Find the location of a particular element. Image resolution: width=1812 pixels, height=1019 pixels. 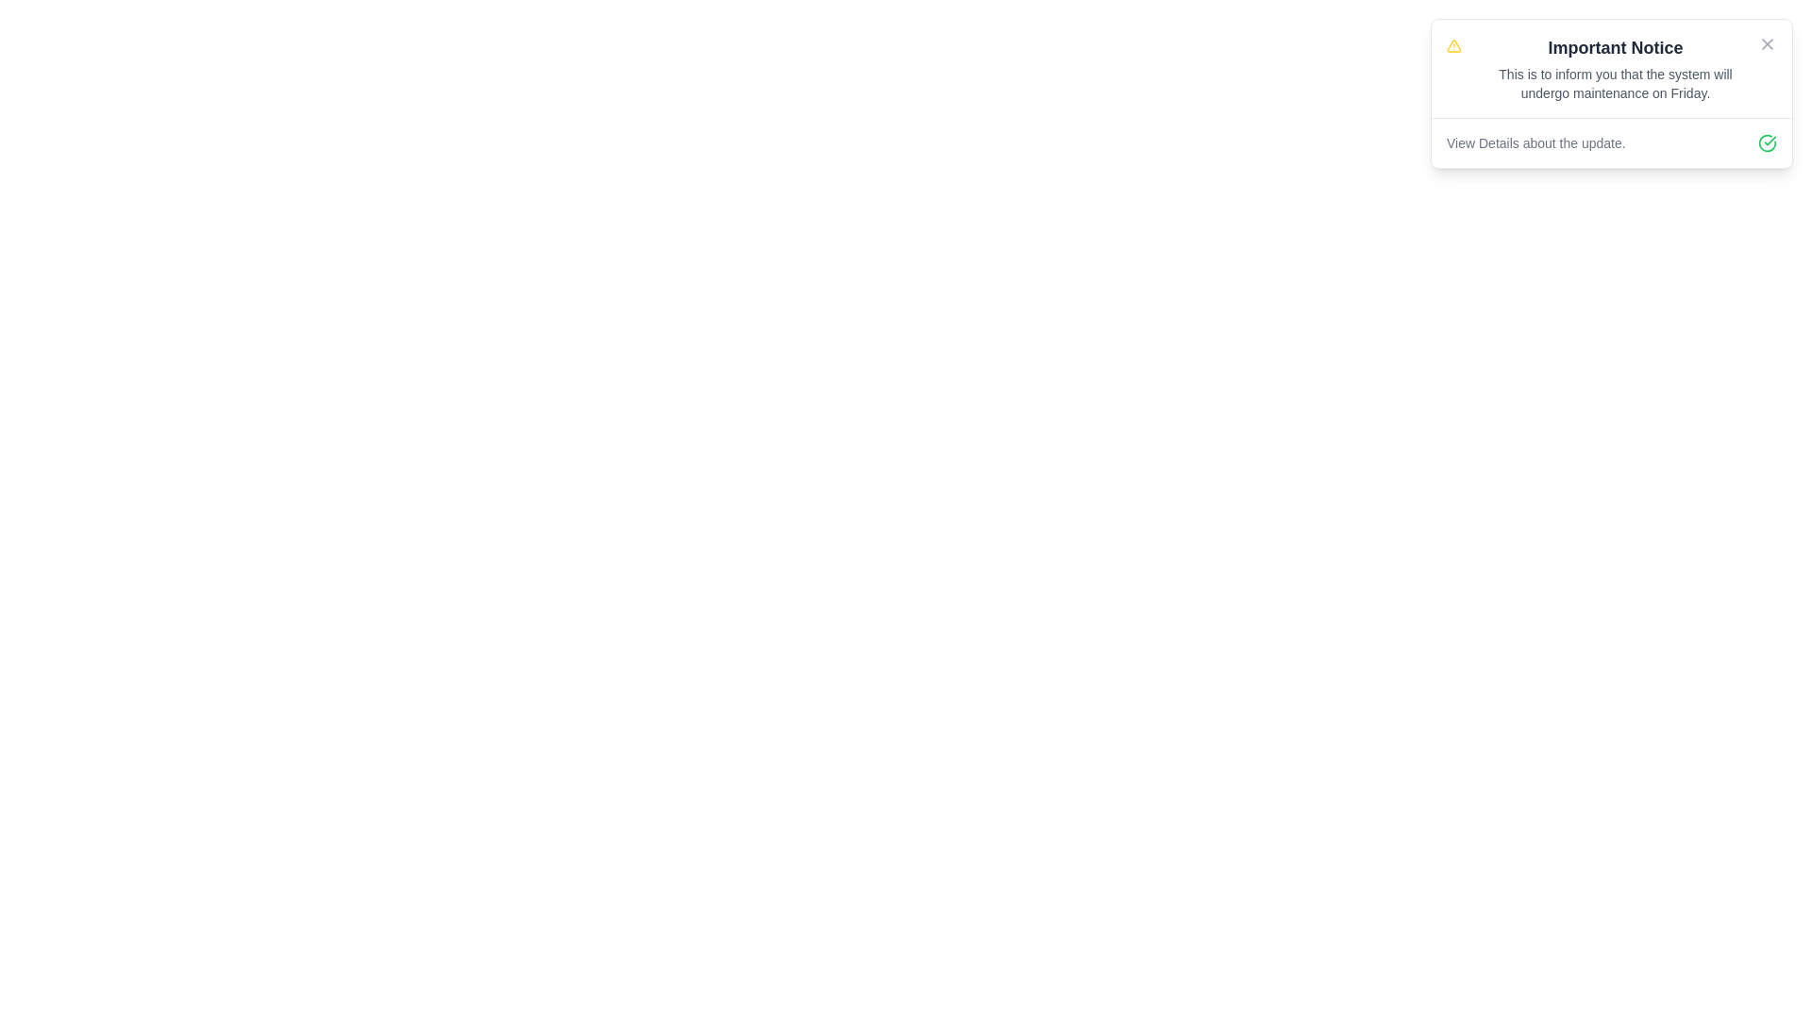

the Text Label that provides supplementary information located in the notification area at the top-right corner of the interface, positioned left of a green checkmark icon is located at coordinates (1535, 142).